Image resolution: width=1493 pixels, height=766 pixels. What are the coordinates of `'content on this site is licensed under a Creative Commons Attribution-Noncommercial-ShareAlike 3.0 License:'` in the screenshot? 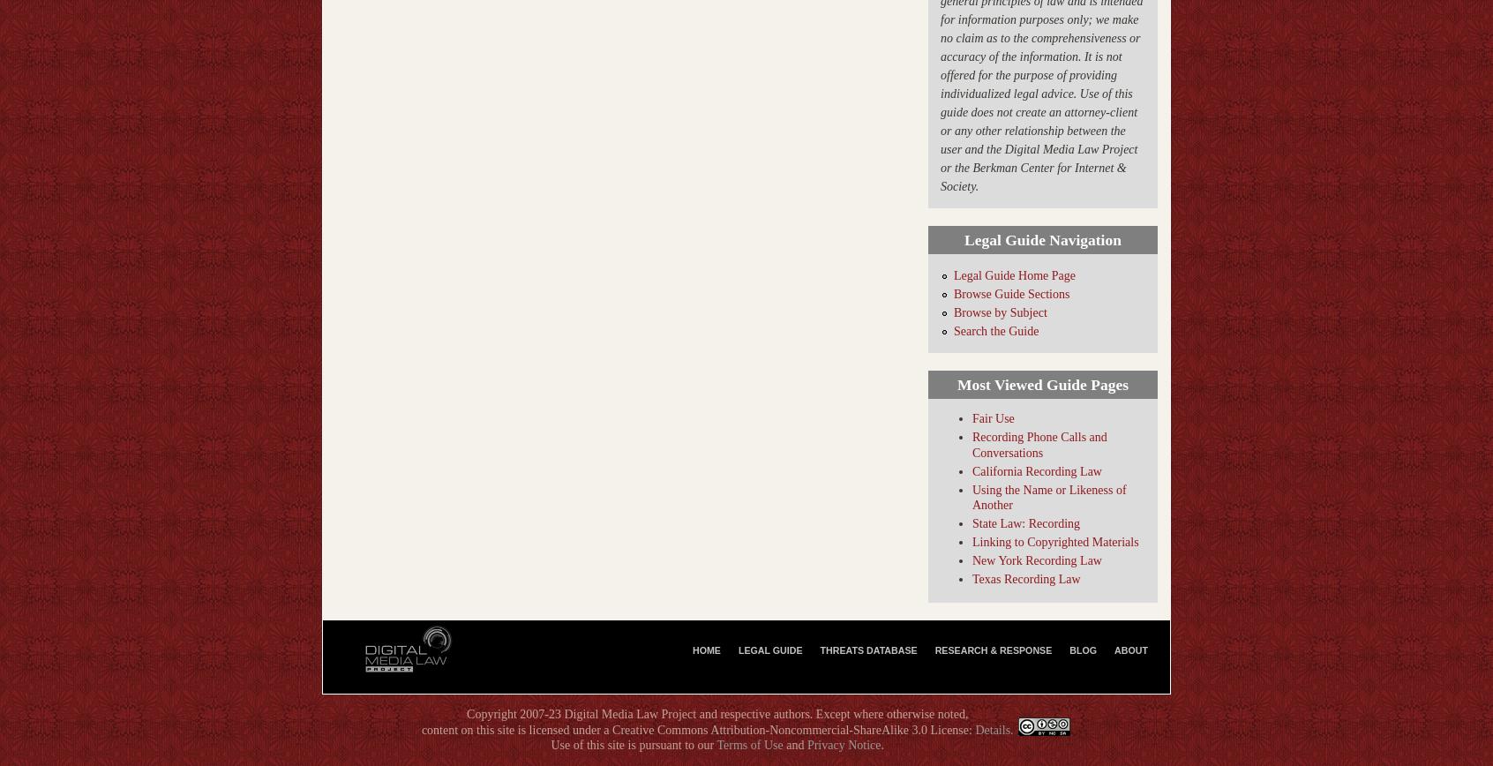 It's located at (698, 729).